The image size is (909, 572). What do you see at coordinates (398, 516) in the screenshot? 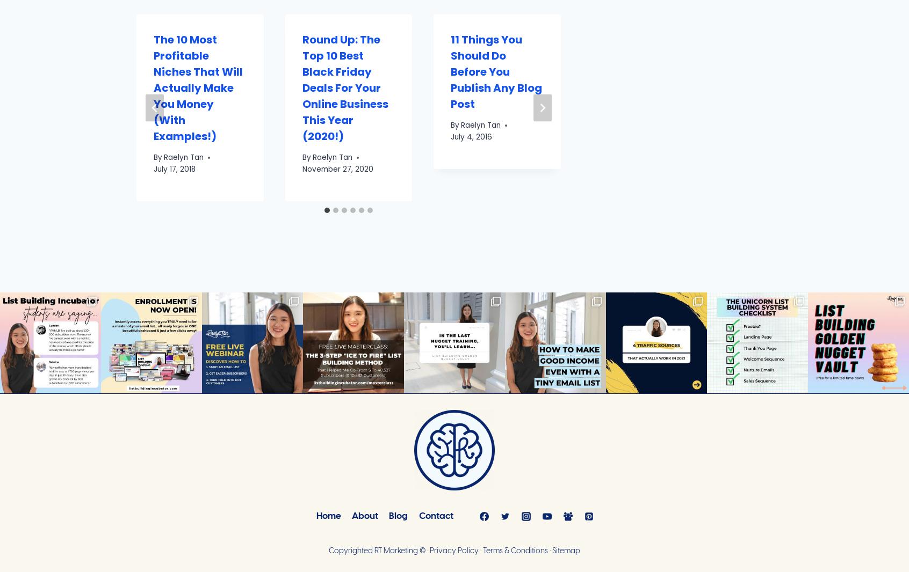
I see `'Blog'` at bounding box center [398, 516].